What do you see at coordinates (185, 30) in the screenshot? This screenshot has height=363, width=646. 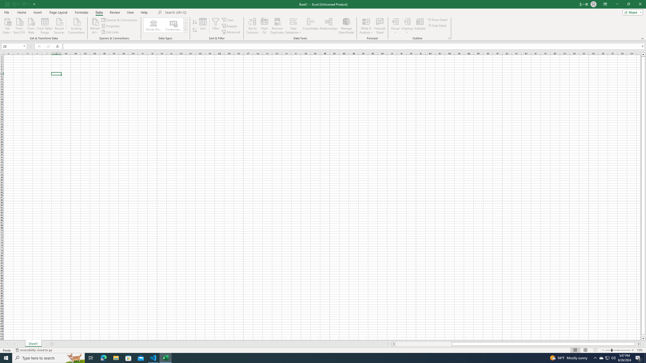 I see `'Data Types'` at bounding box center [185, 30].